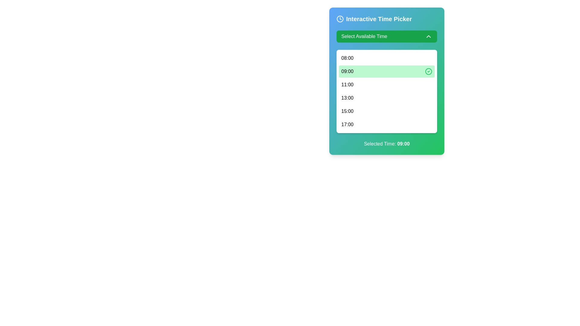 This screenshot has width=580, height=326. I want to click on the circular boundary of the clock icon located at the top left of the widget header, so click(340, 18).